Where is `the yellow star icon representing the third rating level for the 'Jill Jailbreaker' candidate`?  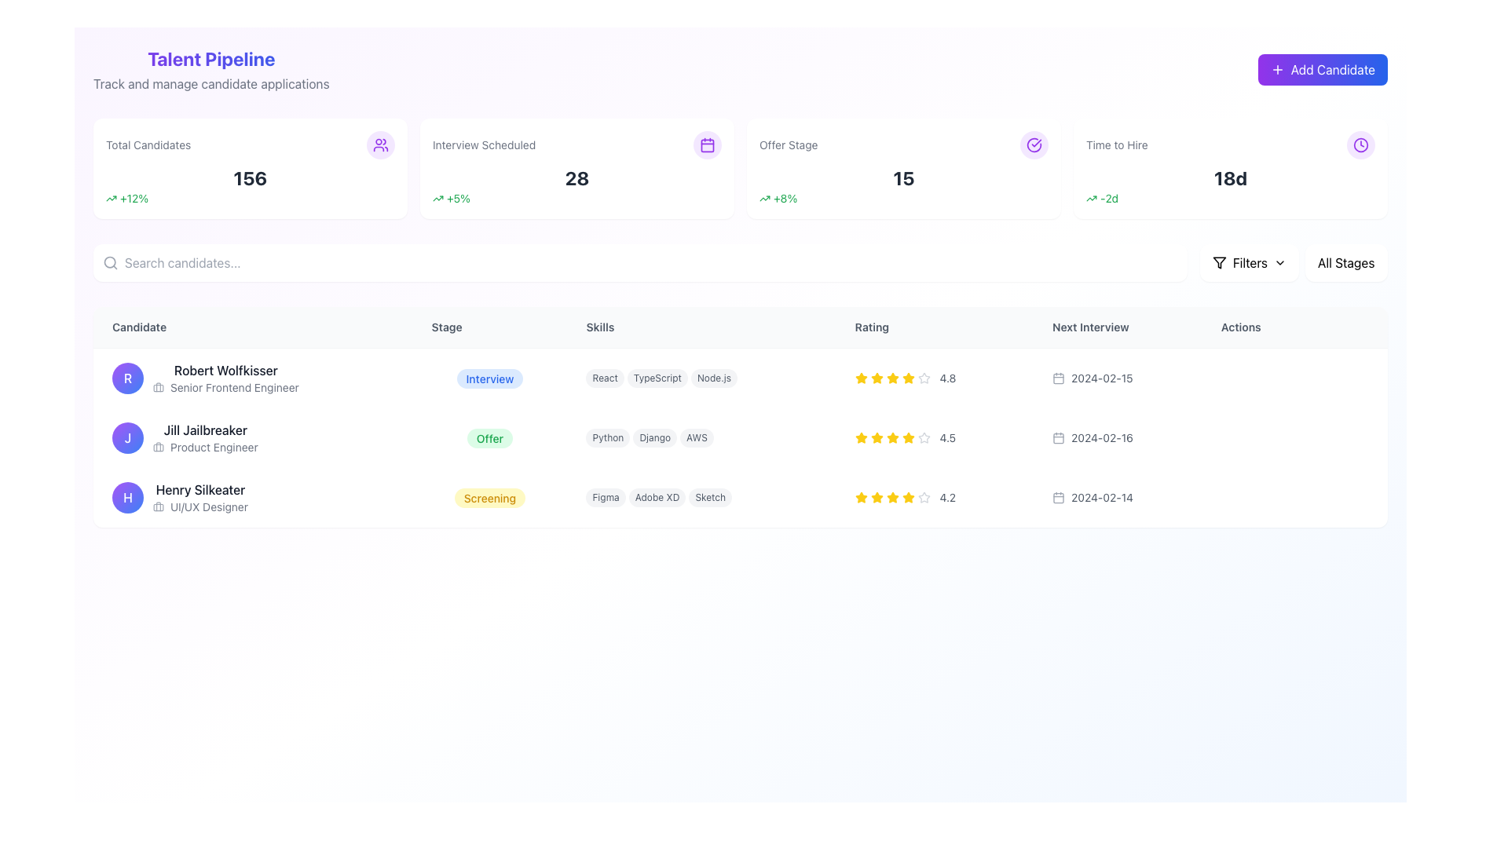 the yellow star icon representing the third rating level for the 'Jill Jailbreaker' candidate is located at coordinates (892, 437).